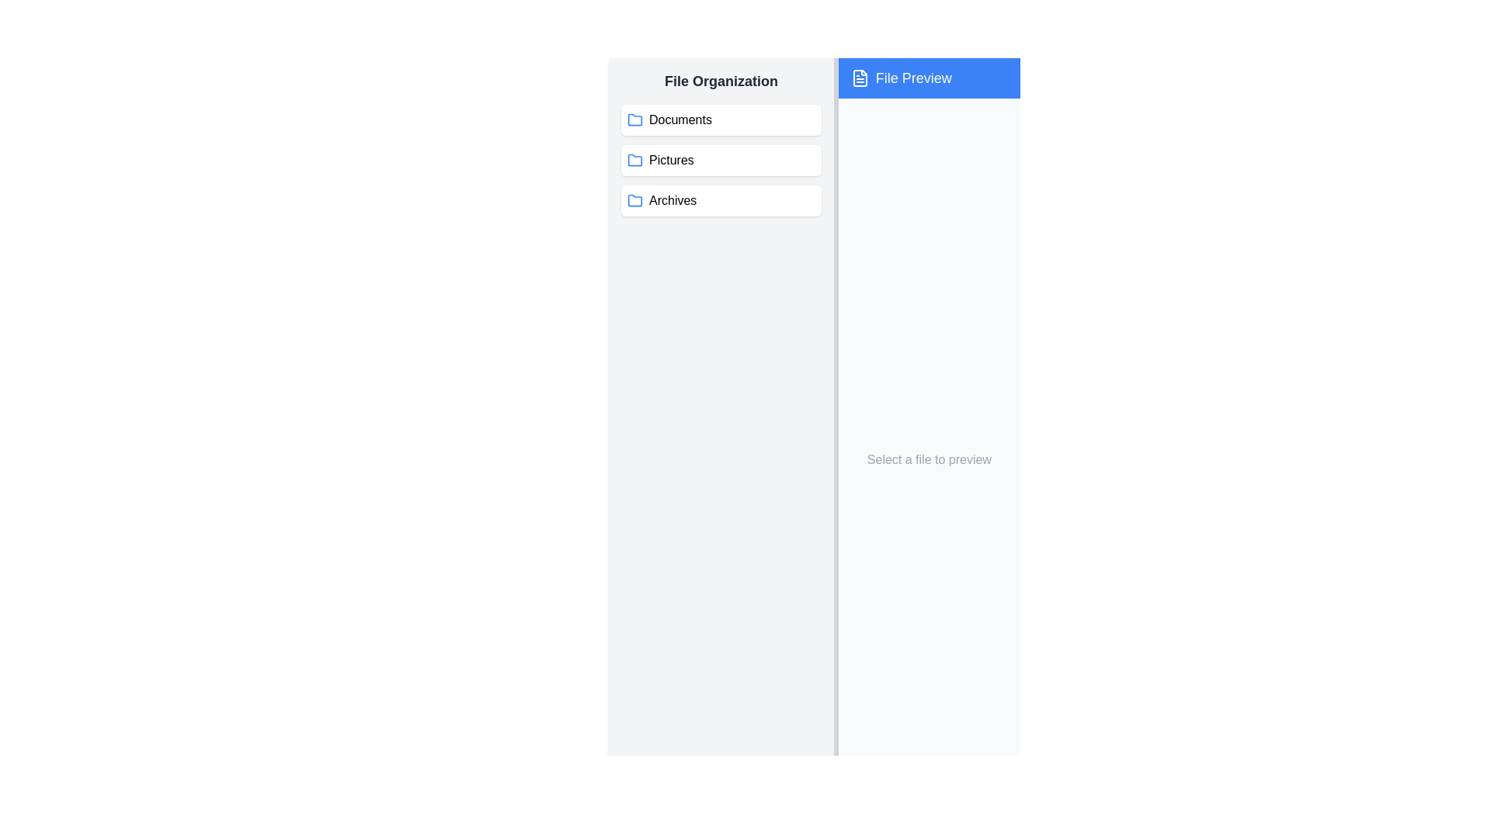 This screenshot has width=1491, height=838. Describe the element at coordinates (721, 119) in the screenshot. I see `the 'Documents' button in the left-hand panel of the 'File Organization' section to change its background color to light gray` at that location.